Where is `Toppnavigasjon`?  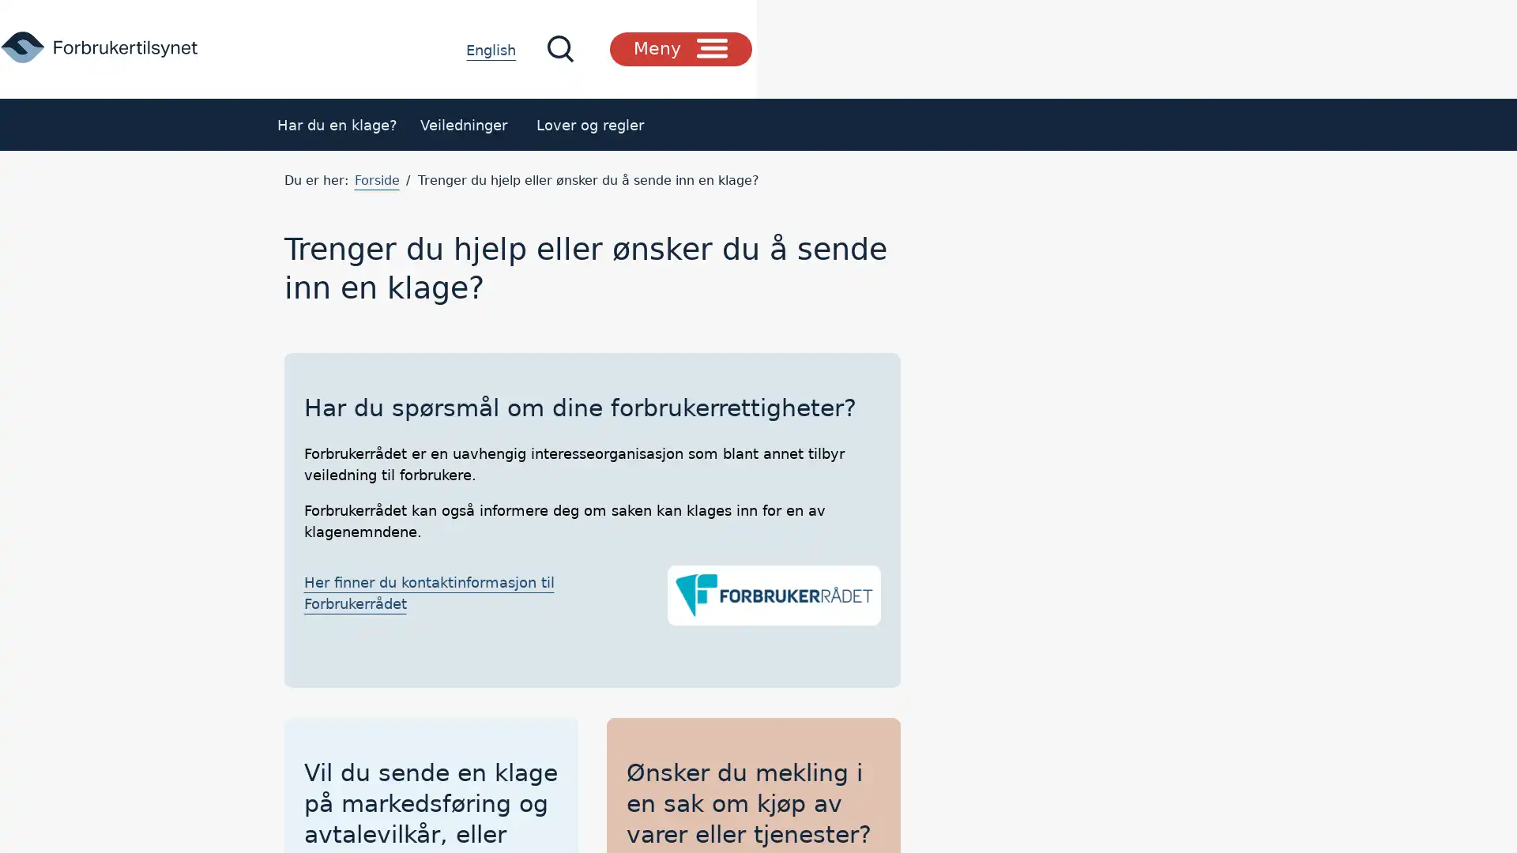 Toppnavigasjon is located at coordinates (1167, 47).